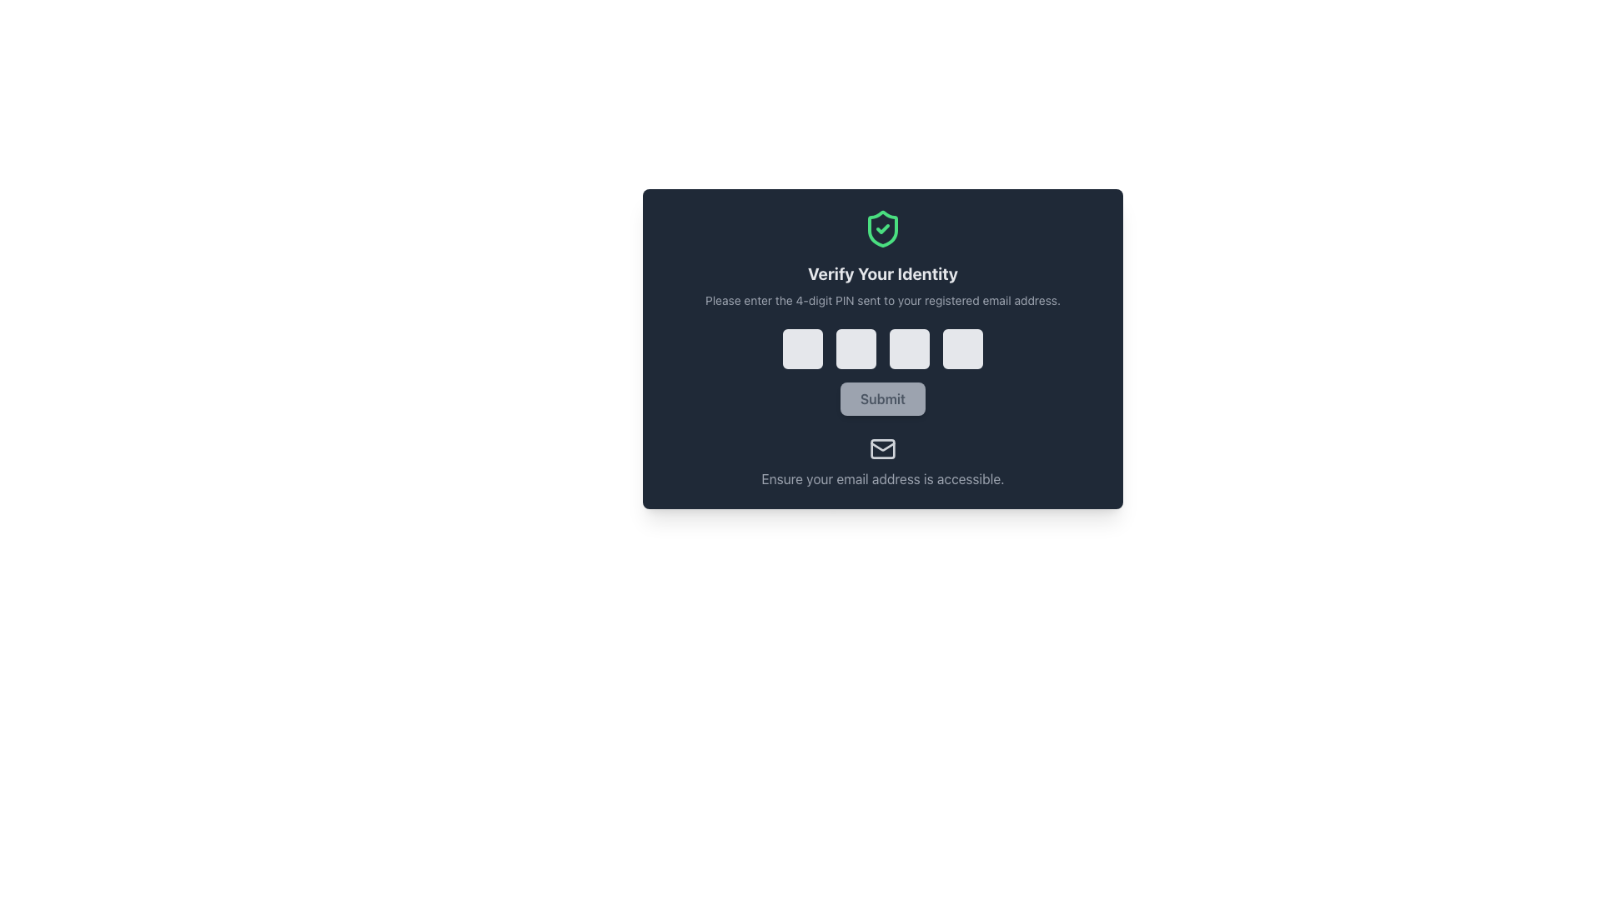  I want to click on the second input box for entering a single numerical digit, so click(856, 348).